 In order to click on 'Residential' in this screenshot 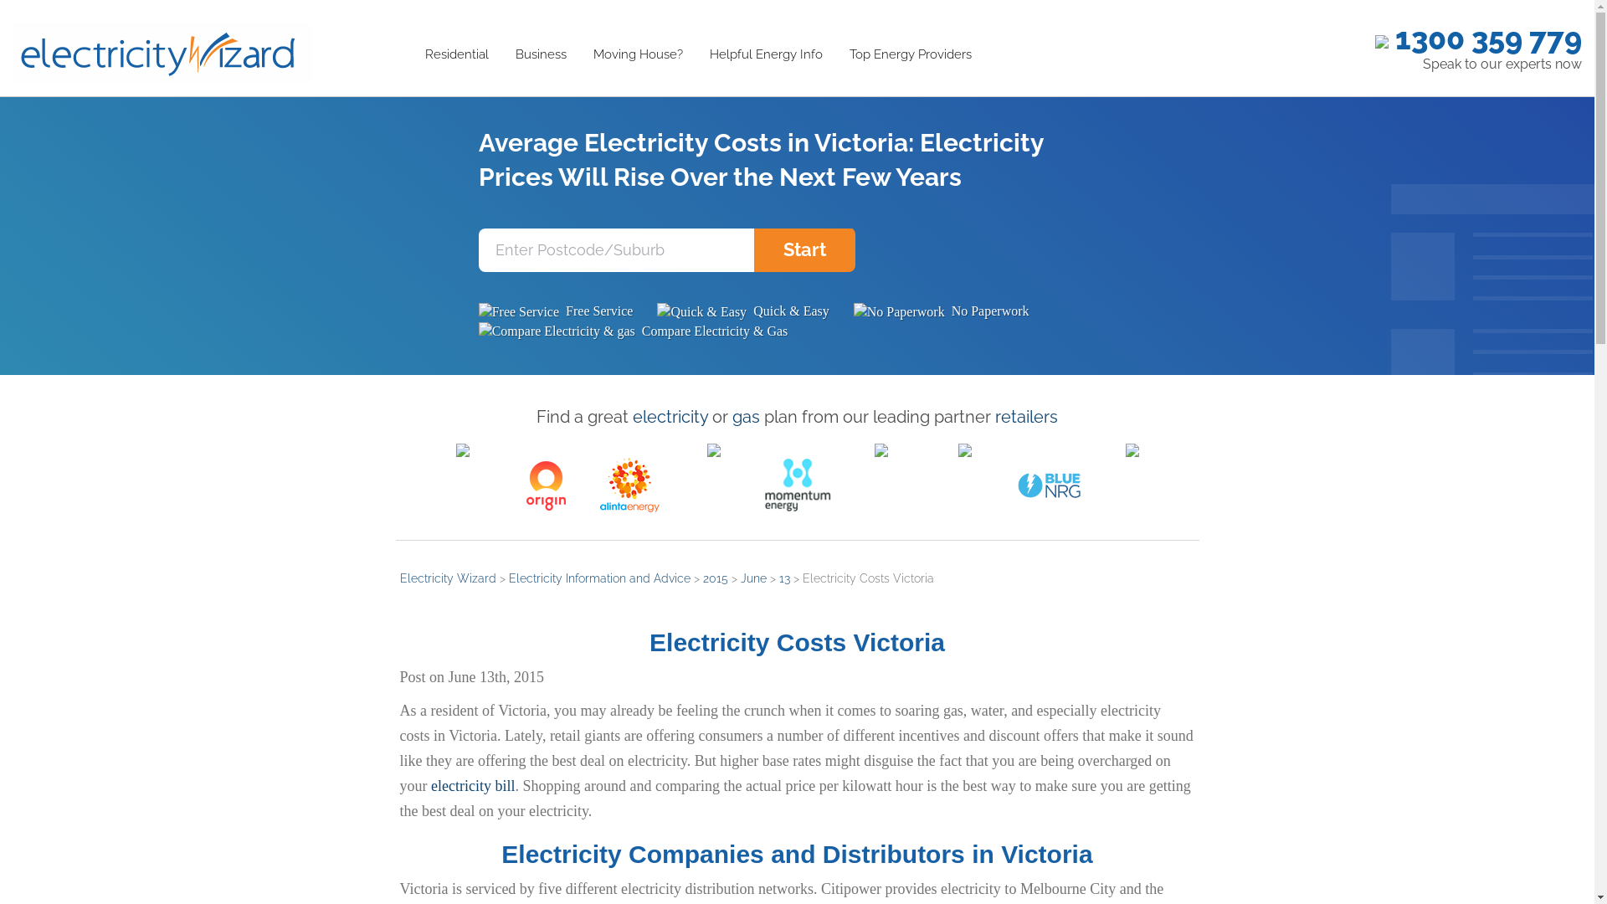, I will do `click(457, 54)`.